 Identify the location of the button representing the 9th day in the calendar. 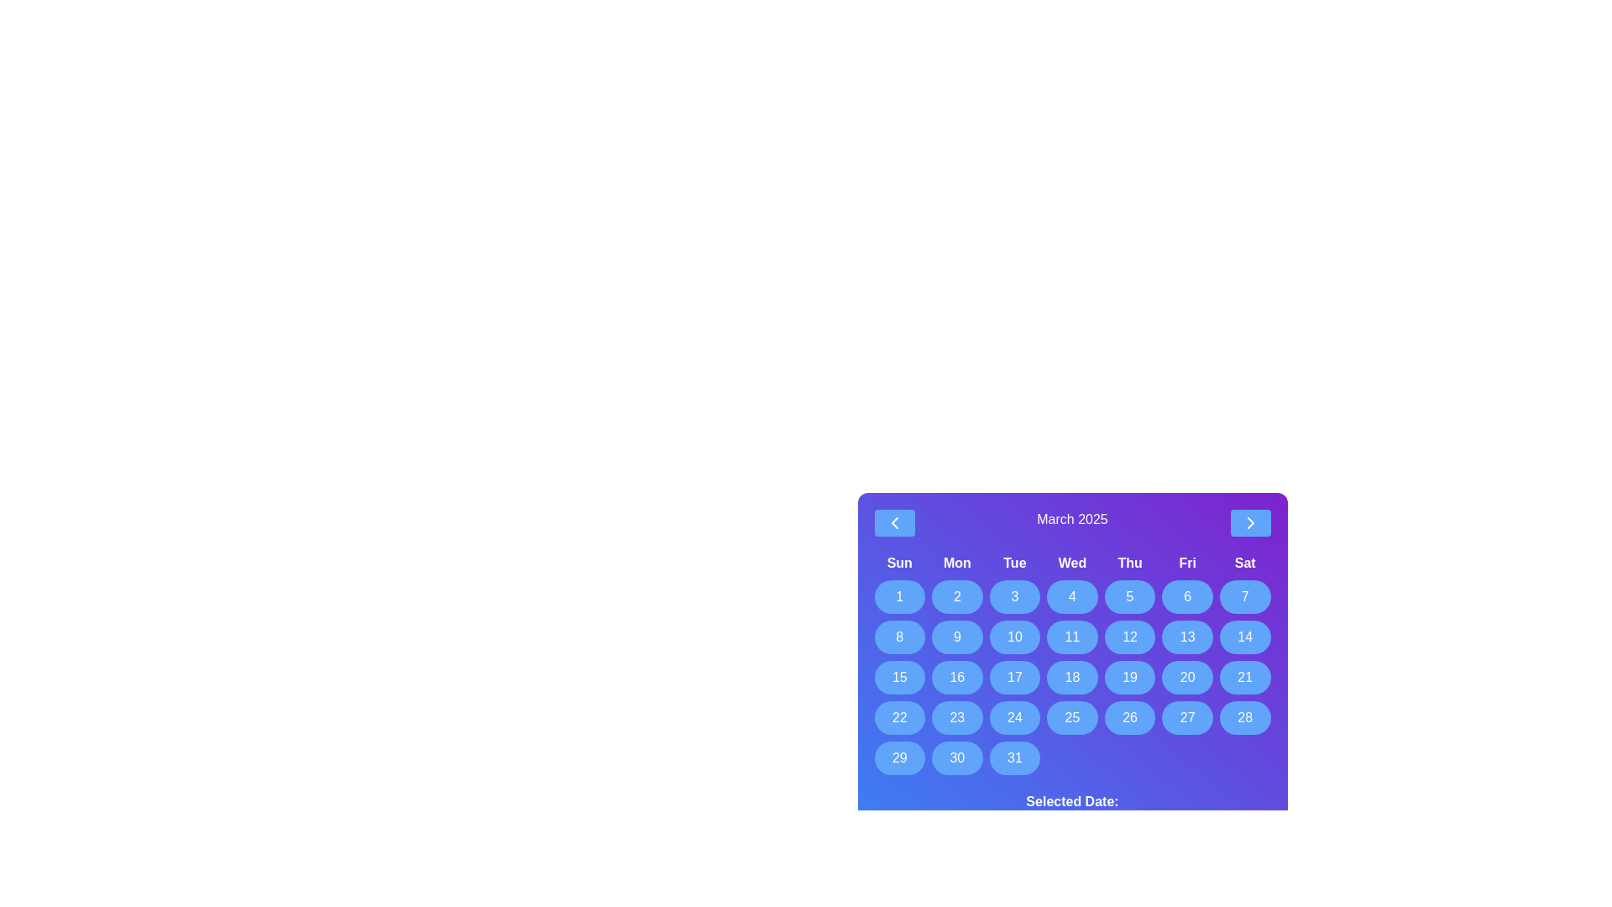
(957, 637).